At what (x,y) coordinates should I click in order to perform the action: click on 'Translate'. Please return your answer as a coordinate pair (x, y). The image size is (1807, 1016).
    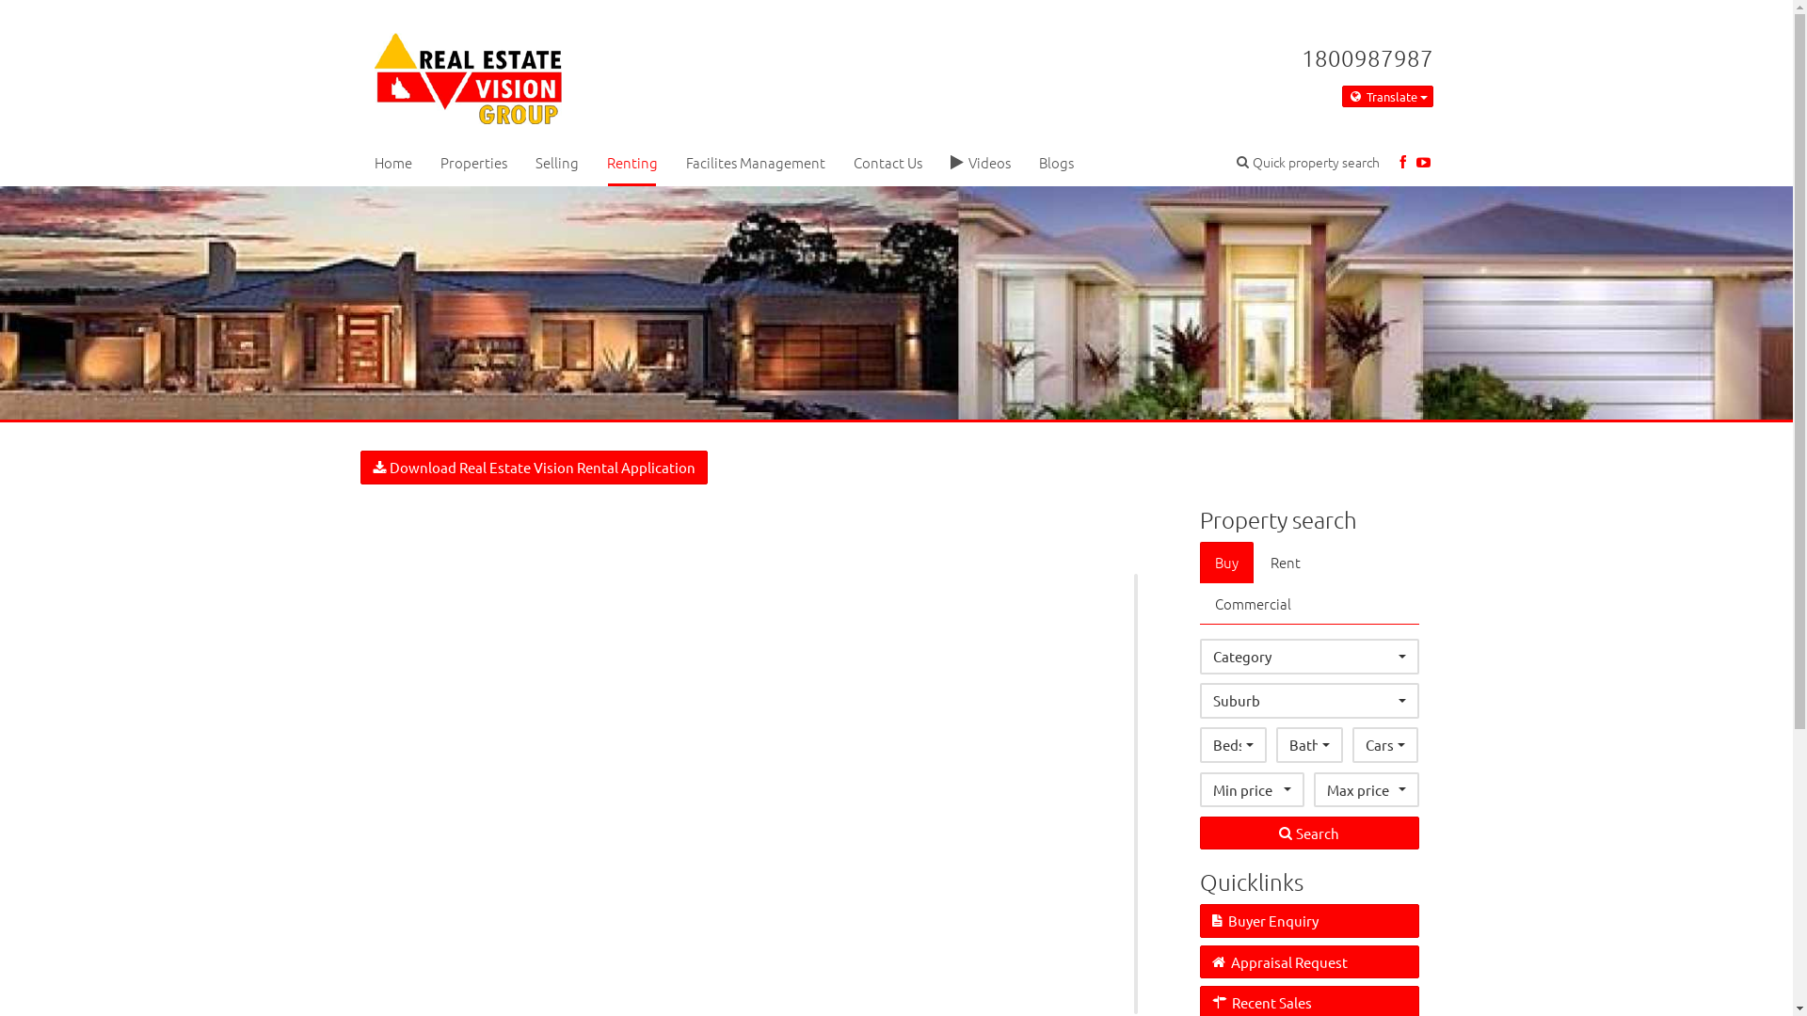
    Looking at the image, I should click on (1387, 97).